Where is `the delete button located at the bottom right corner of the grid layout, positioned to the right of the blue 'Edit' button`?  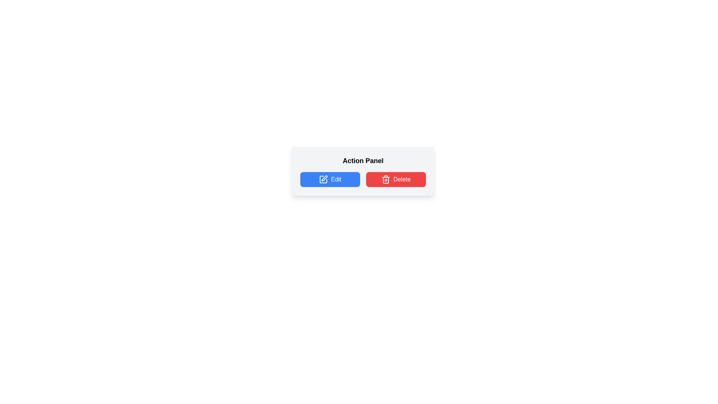
the delete button located at the bottom right corner of the grid layout, positioned to the right of the blue 'Edit' button is located at coordinates (396, 179).